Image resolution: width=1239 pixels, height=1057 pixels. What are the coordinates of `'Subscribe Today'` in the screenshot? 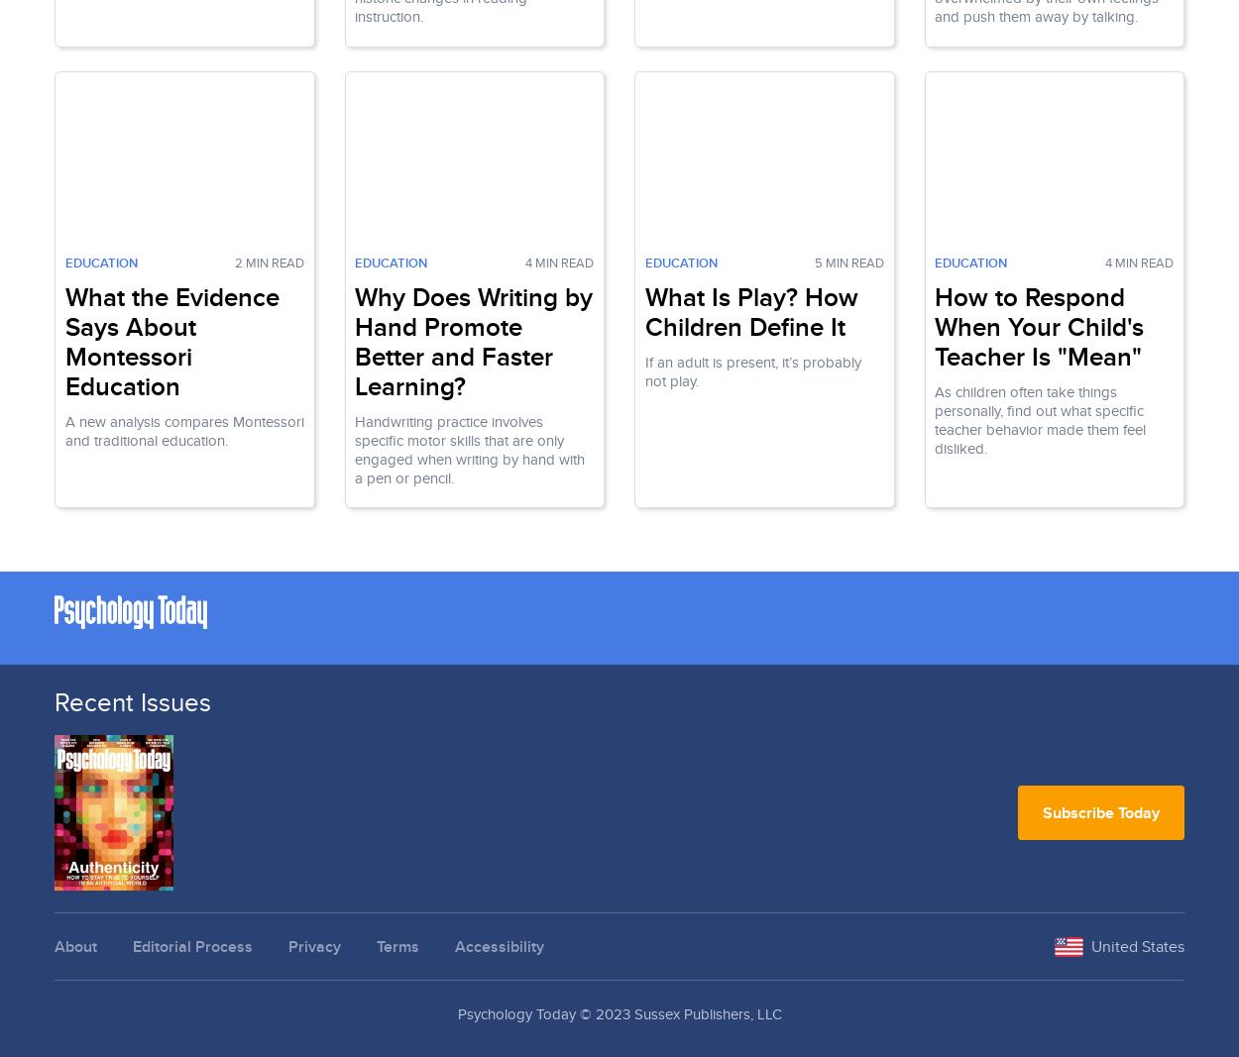 It's located at (1100, 810).